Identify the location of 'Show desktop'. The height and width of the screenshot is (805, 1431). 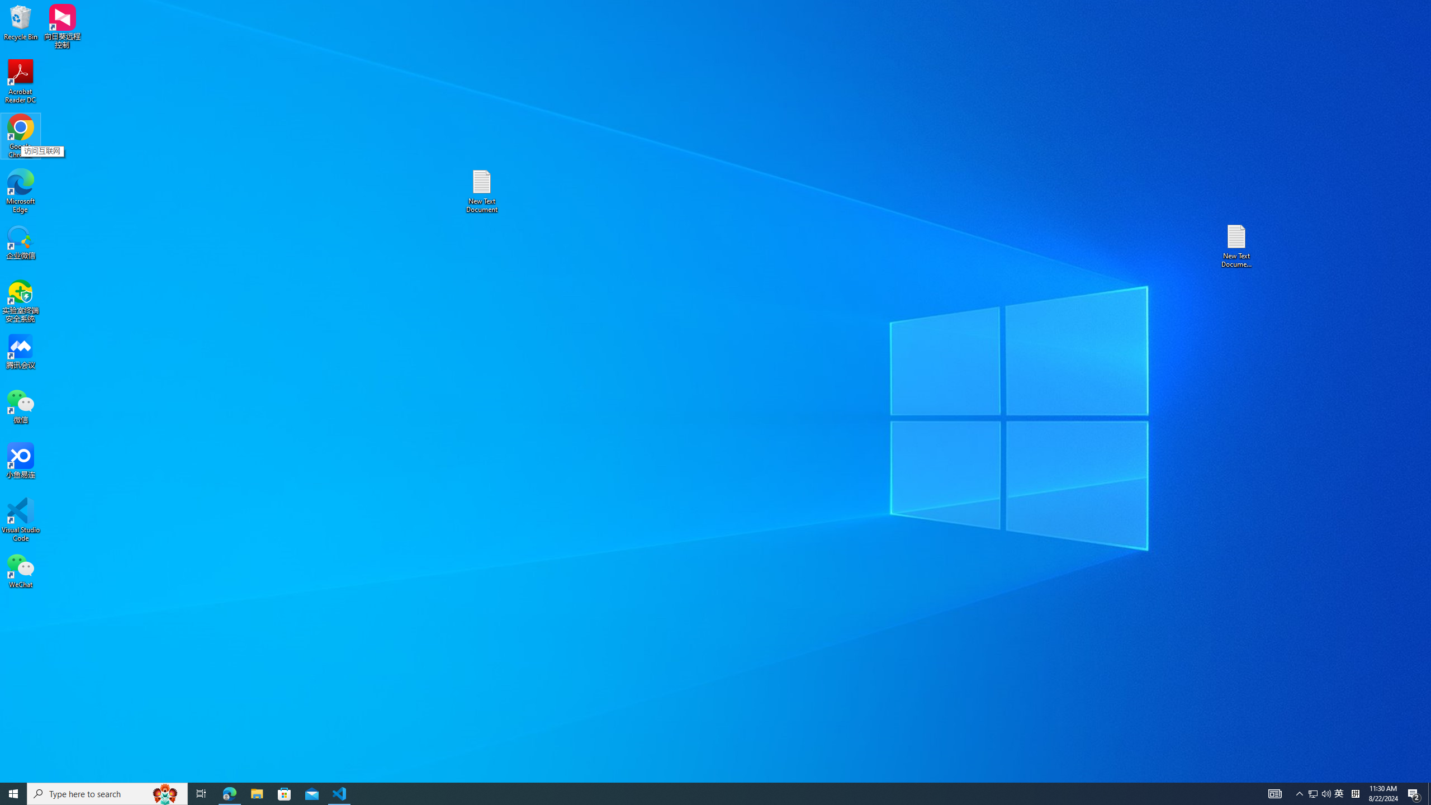
(1429, 793).